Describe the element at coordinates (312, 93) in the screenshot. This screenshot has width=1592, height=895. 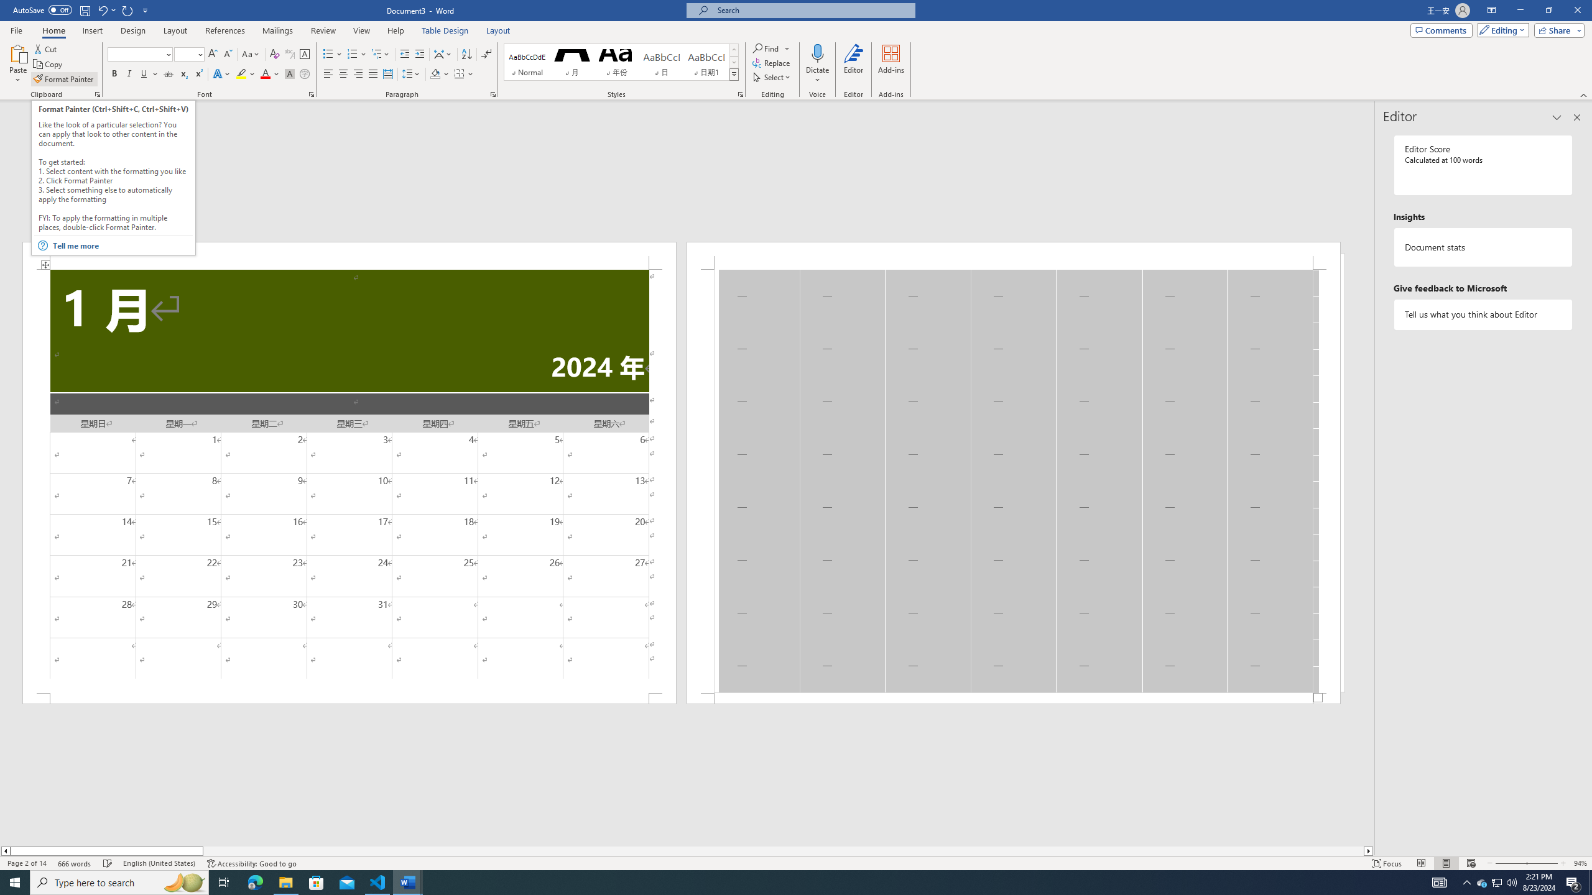
I see `'Font...'` at that location.